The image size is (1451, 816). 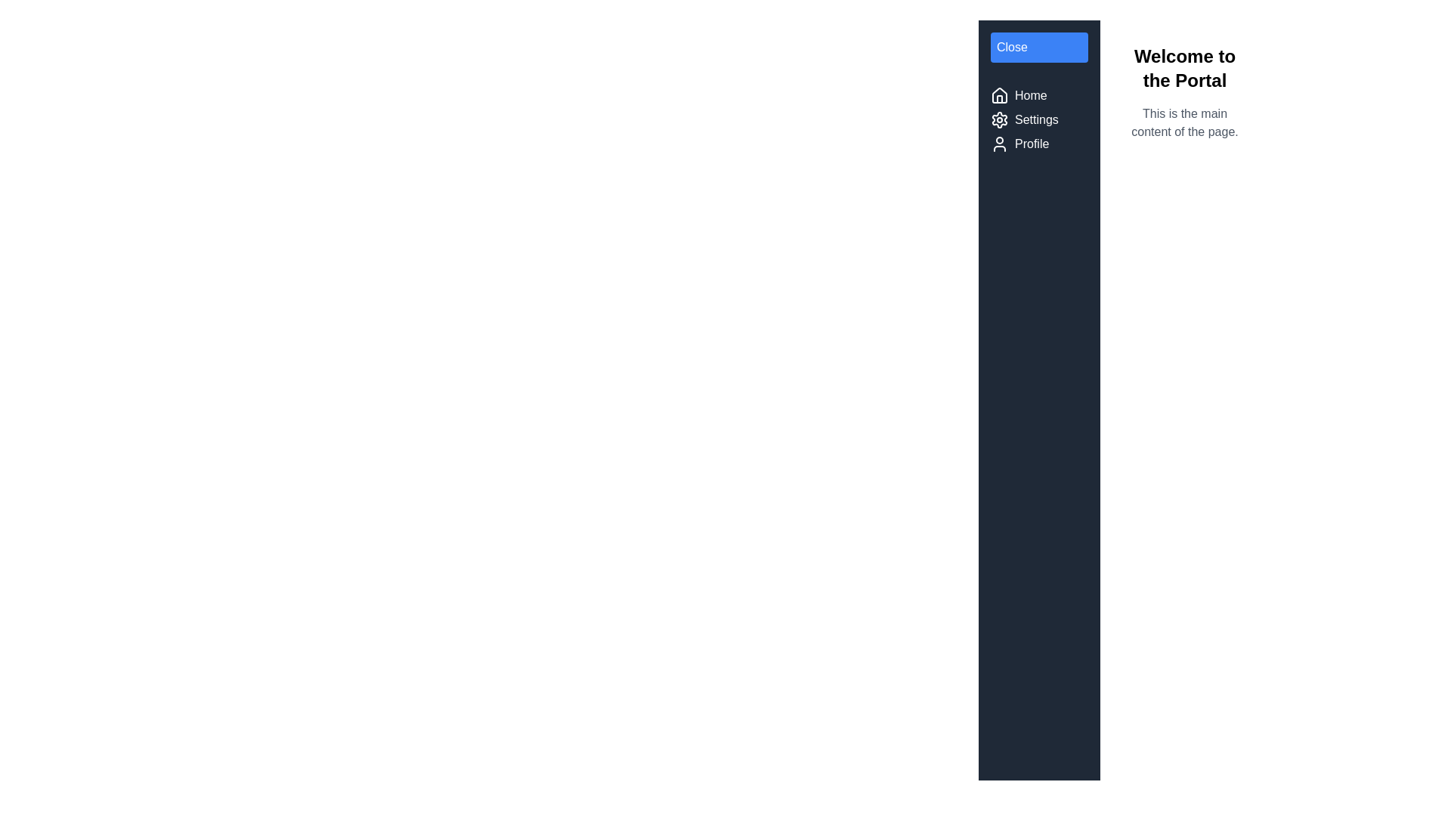 I want to click on the 'Settings' navigation item, which is the second option in the vertical menu on the dark sidebar, so click(x=1038, y=119).